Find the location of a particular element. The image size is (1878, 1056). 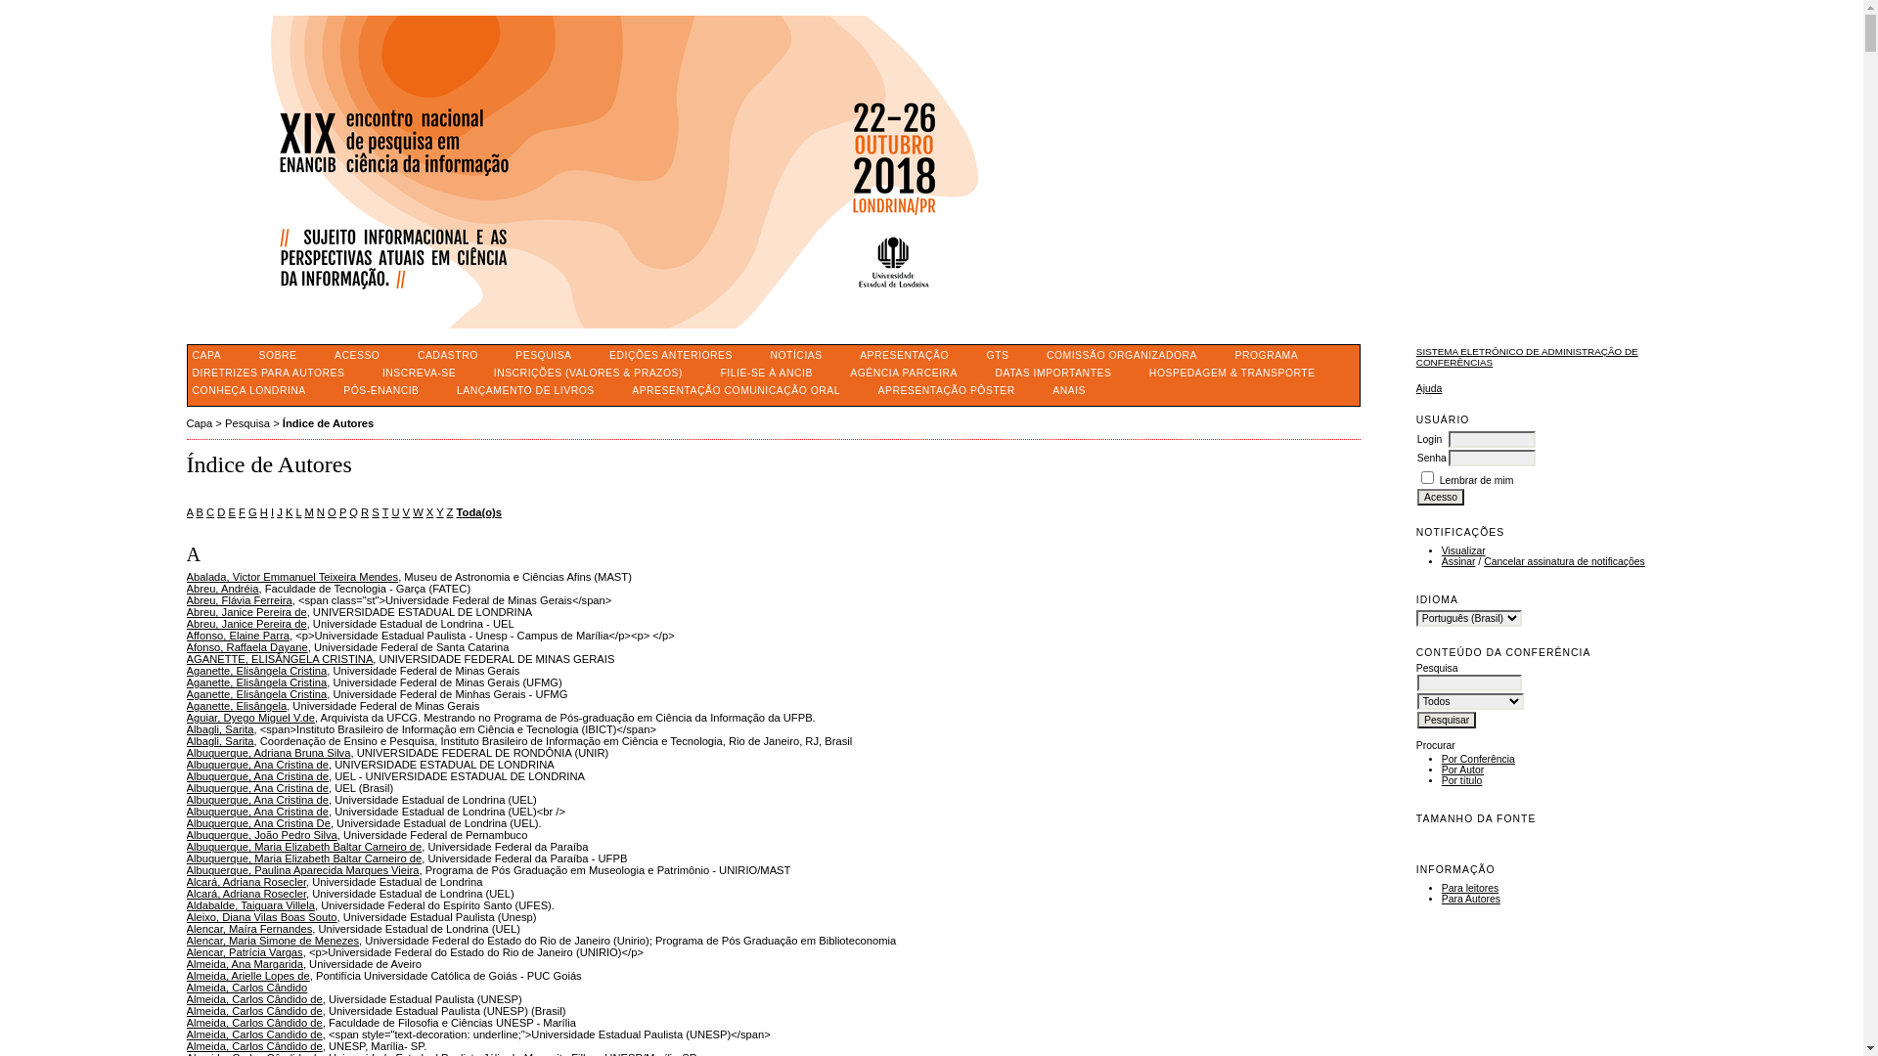

'Aleixo, Diana Vilas Boas Souto' is located at coordinates (260, 916).